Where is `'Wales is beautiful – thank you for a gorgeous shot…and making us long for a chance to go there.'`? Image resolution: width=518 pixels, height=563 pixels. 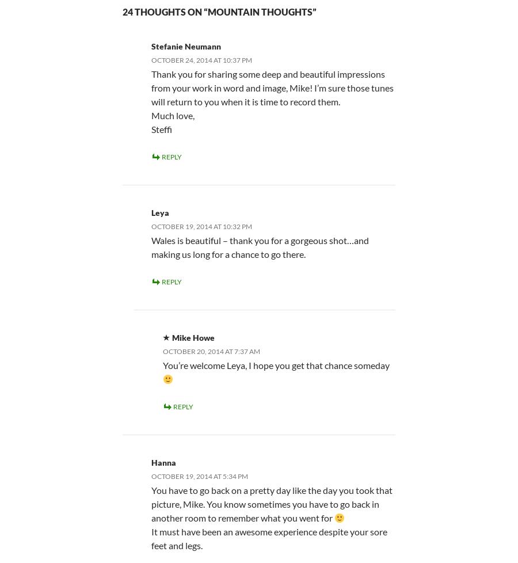
'Wales is beautiful – thank you for a gorgeous shot…and making us long for a chance to go there.' is located at coordinates (259, 246).